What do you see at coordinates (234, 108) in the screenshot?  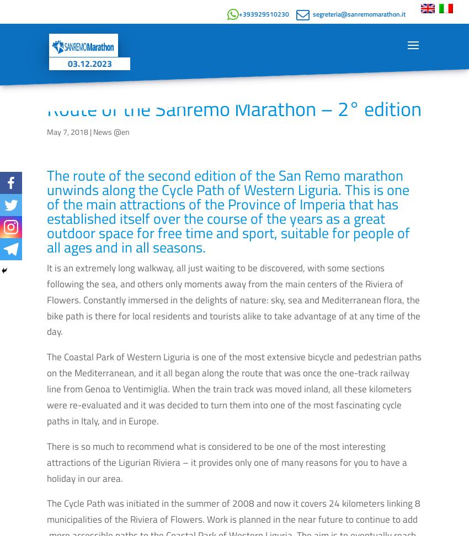 I see `'Route of the Sanremo Marathon – 2° edition'` at bounding box center [234, 108].